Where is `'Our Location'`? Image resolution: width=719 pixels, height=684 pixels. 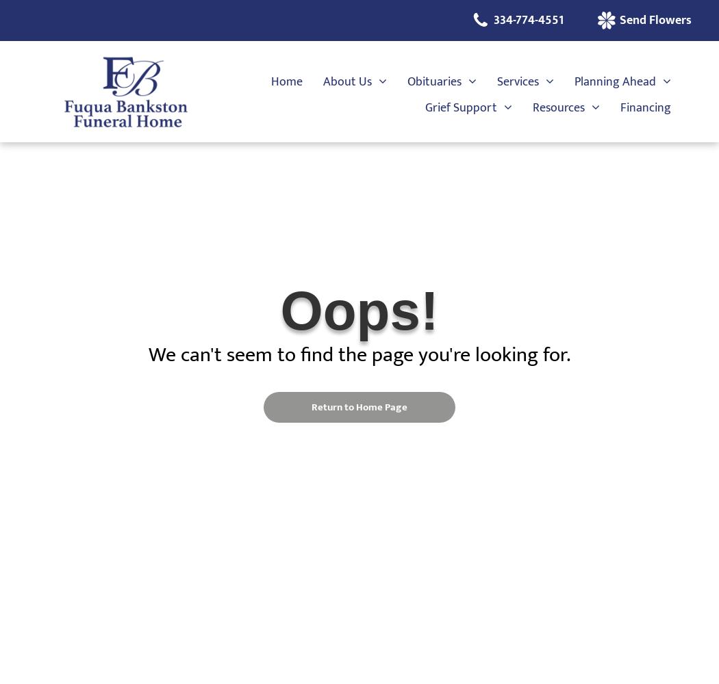
'Our Location' is located at coordinates (333, 216).